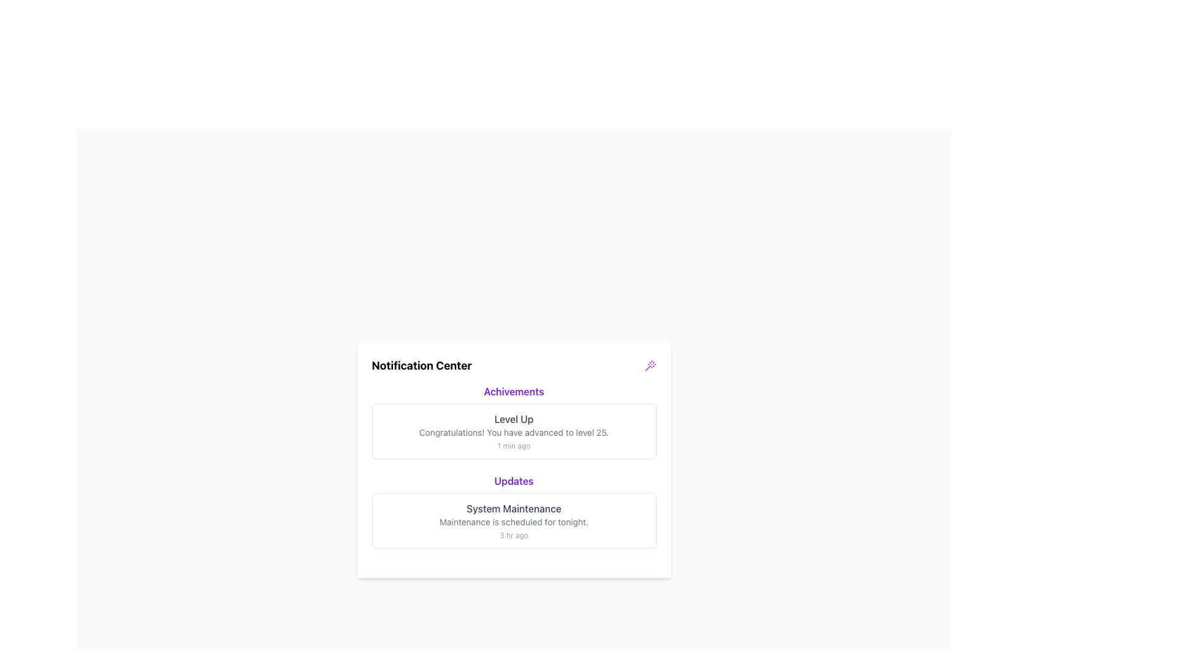 This screenshot has width=1177, height=662. Describe the element at coordinates (422, 365) in the screenshot. I see `the title text element in the notification center, which is positioned at the top-left area and serves as the heading for the section` at that location.